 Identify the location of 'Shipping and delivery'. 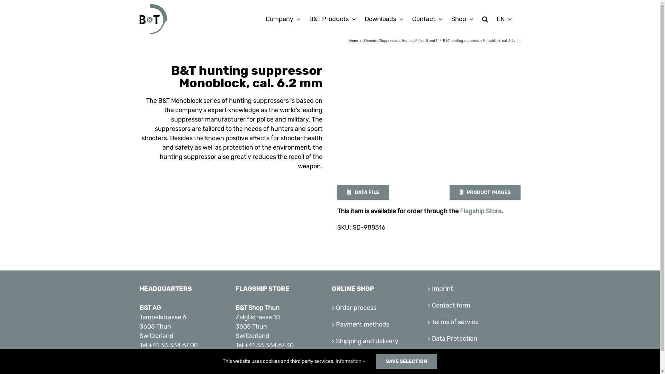
(378, 341).